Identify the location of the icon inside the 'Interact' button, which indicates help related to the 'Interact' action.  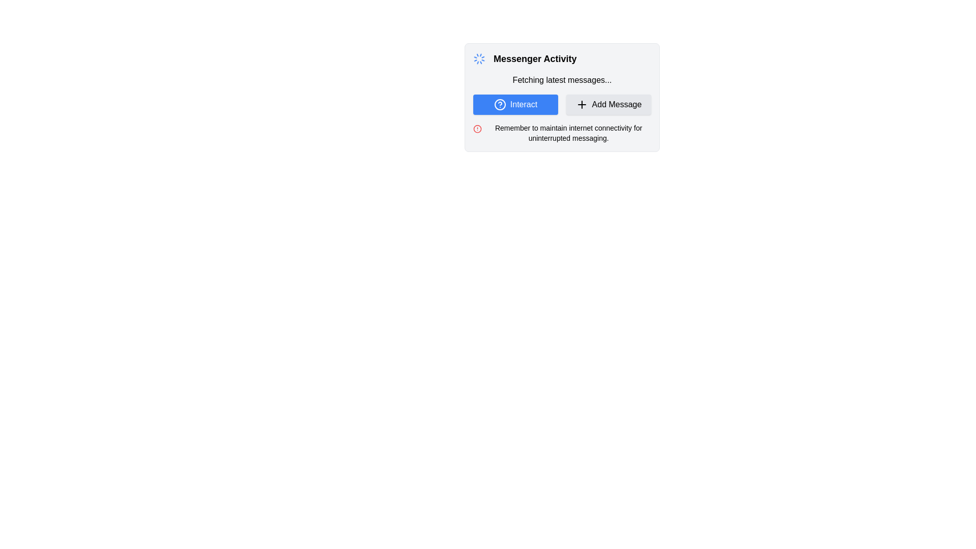
(500, 104).